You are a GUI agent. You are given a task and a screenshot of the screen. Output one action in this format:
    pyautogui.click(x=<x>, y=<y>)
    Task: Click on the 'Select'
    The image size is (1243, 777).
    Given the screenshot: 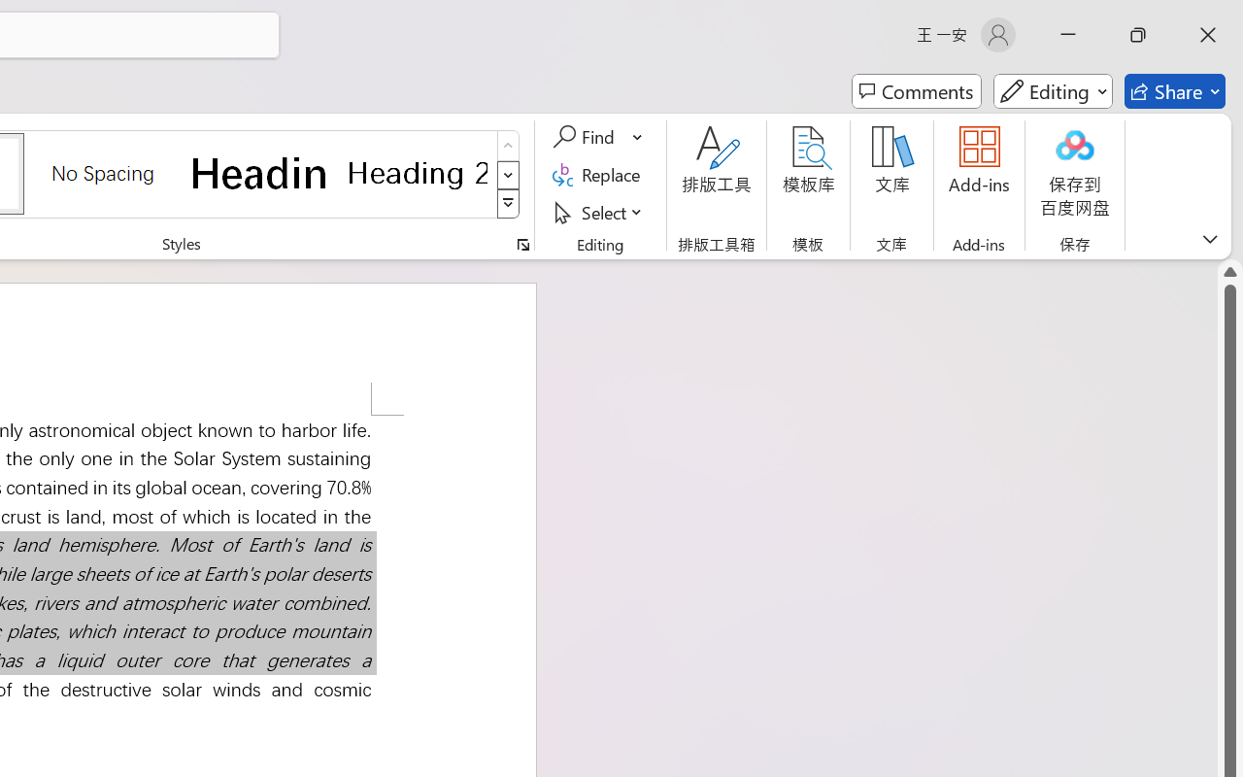 What is the action you would take?
    pyautogui.click(x=599, y=212)
    